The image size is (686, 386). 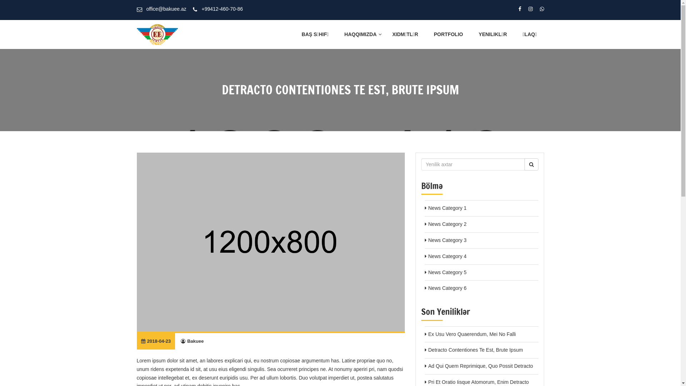 What do you see at coordinates (472, 334) in the screenshot?
I see `'Ex Usu Vero Quaerendum, Mei No Falli'` at bounding box center [472, 334].